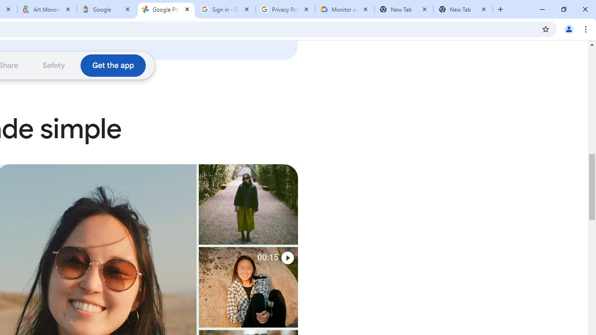 The height and width of the screenshot is (335, 596). What do you see at coordinates (463, 9) in the screenshot?
I see `'New Tab'` at bounding box center [463, 9].